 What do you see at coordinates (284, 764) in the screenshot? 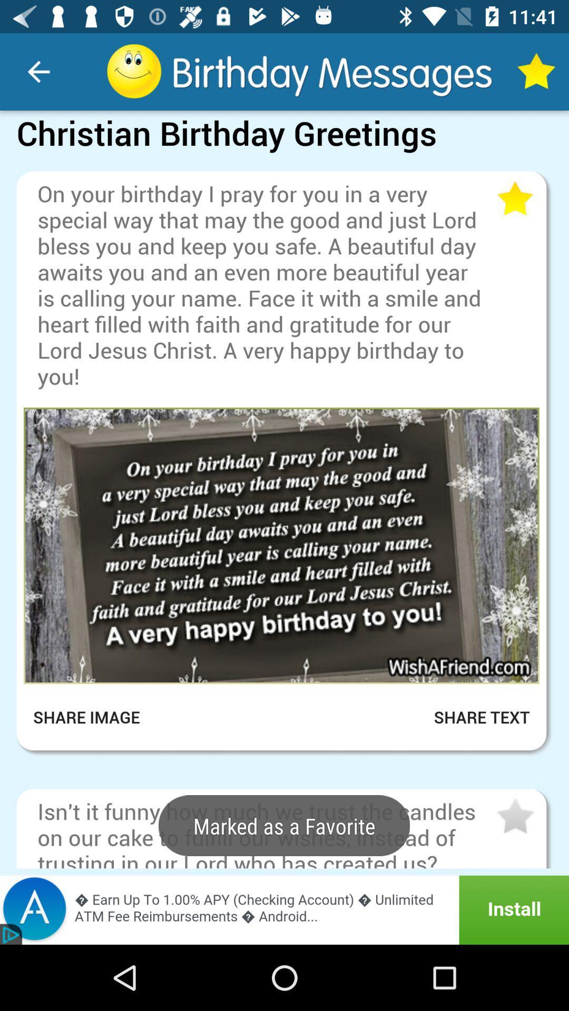
I see `the icon below the share image item` at bounding box center [284, 764].